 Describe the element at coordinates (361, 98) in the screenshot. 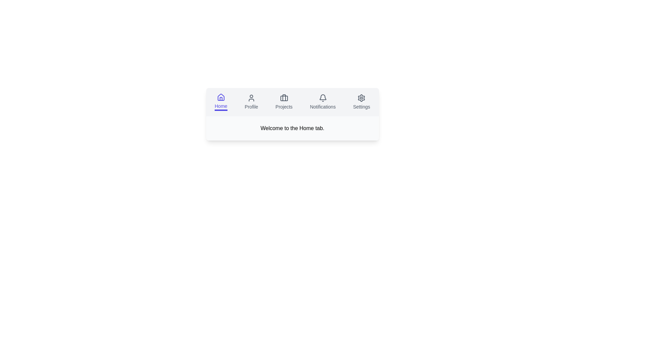

I see `the gear icon representing settings located at the far right of the horizontal navigation bar` at that location.